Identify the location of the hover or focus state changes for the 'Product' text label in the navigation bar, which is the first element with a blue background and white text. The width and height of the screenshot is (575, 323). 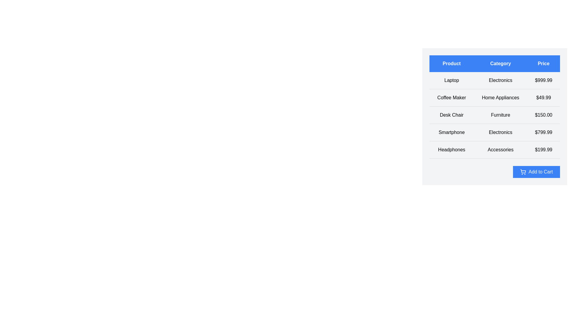
(452, 63).